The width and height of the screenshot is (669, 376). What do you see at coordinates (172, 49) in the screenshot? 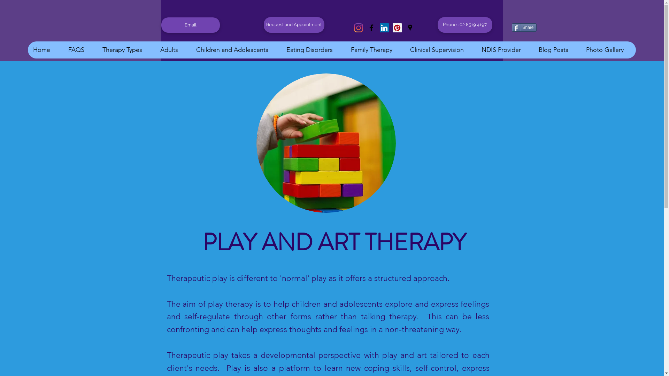
I see `'Adults'` at bounding box center [172, 49].